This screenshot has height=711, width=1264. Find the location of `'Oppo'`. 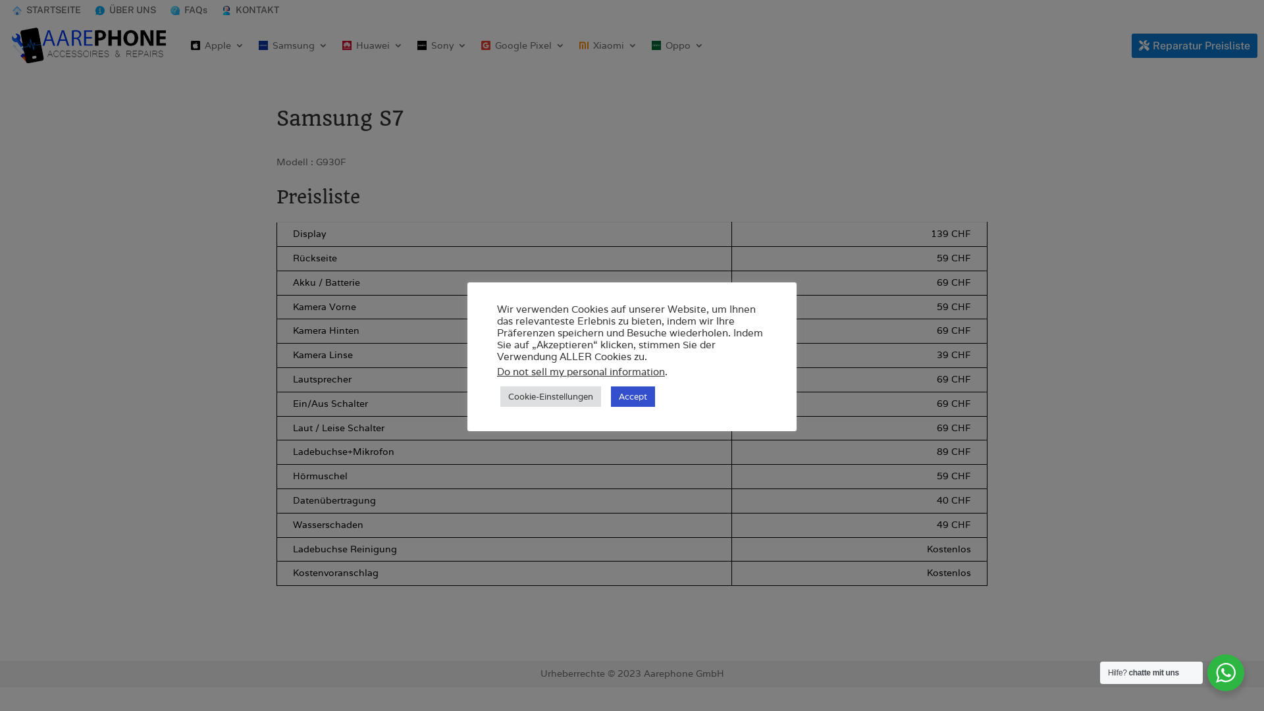

'Oppo' is located at coordinates (677, 45).